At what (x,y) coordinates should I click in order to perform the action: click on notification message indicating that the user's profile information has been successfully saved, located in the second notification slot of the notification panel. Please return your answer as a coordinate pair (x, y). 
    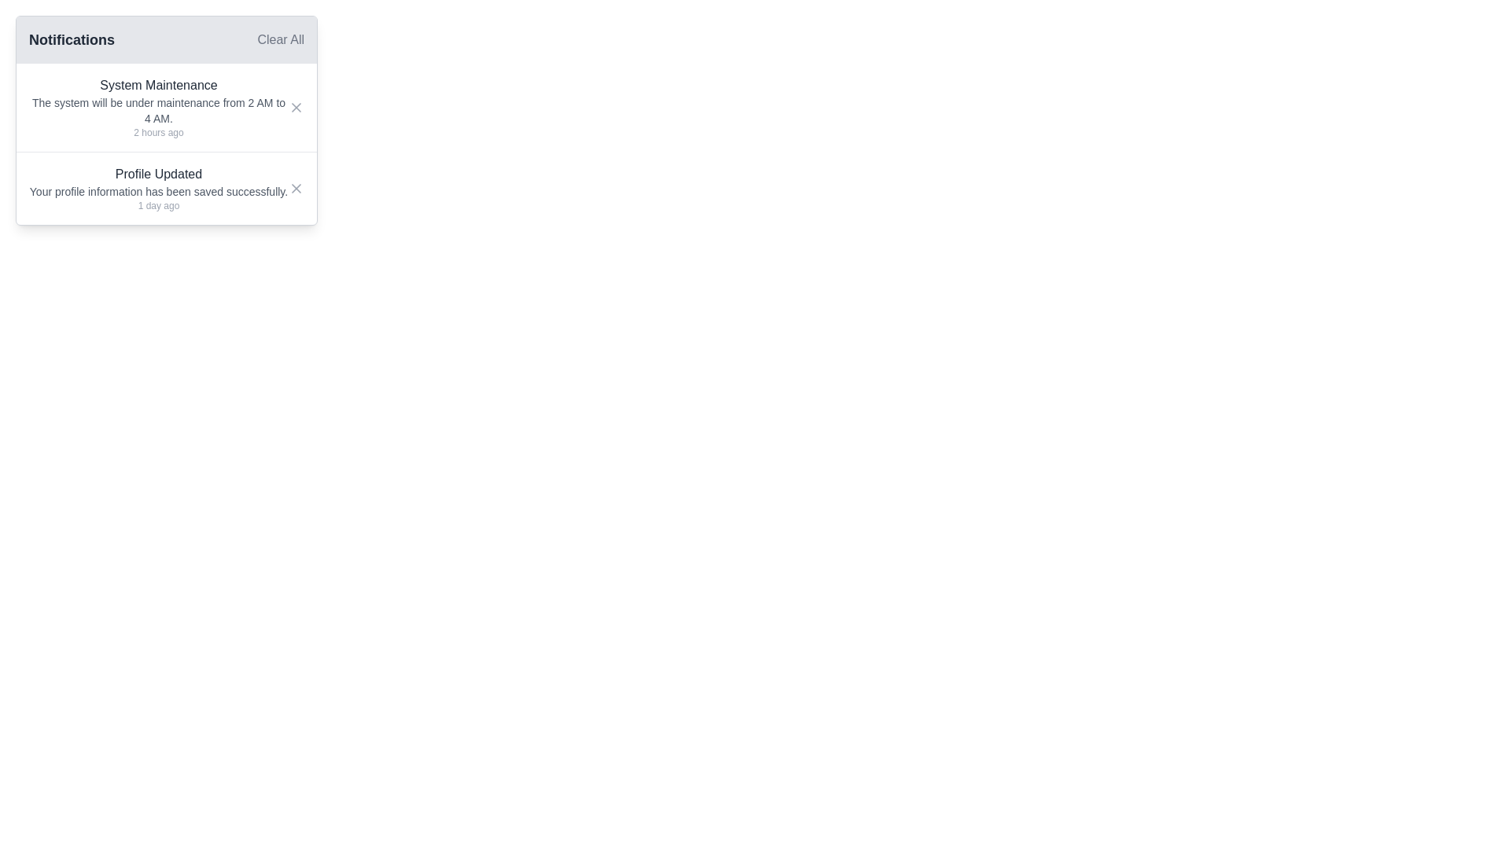
    Looking at the image, I should click on (158, 187).